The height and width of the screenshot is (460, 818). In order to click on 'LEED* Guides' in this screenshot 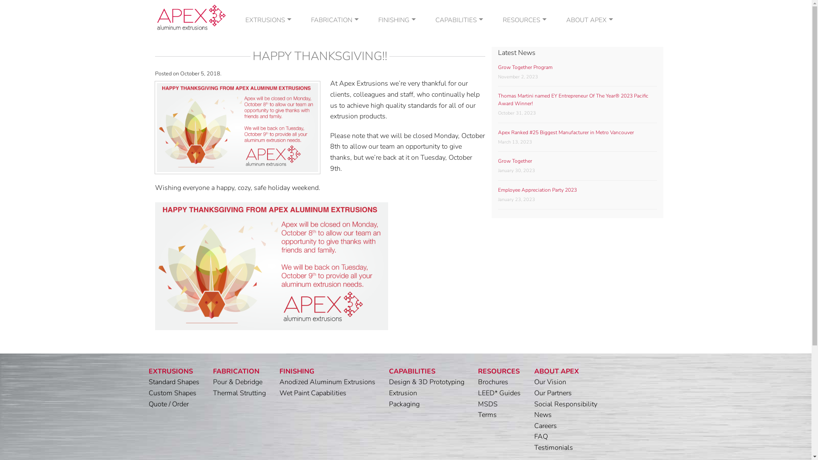, I will do `click(499, 393)`.